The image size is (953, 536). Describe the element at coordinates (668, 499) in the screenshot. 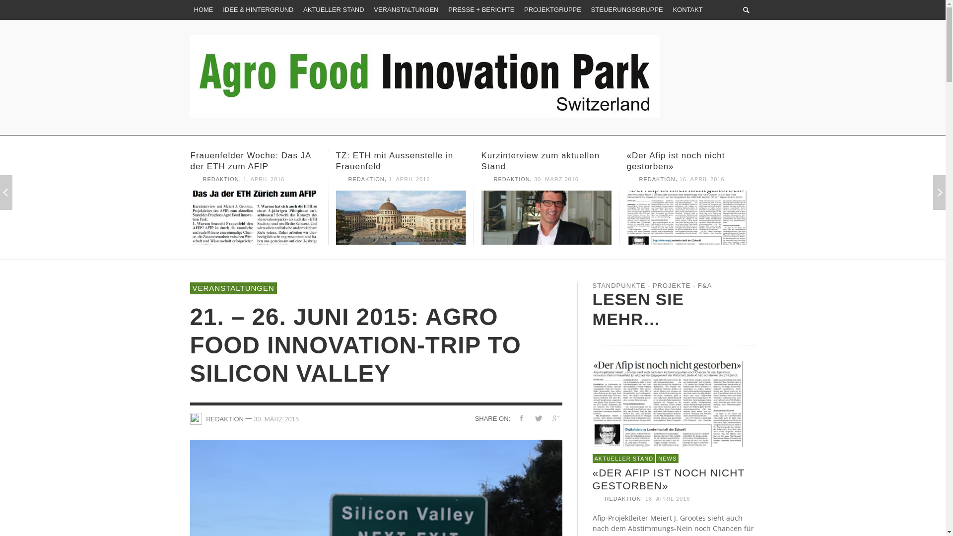

I see `'16. APRIL 2016'` at that location.